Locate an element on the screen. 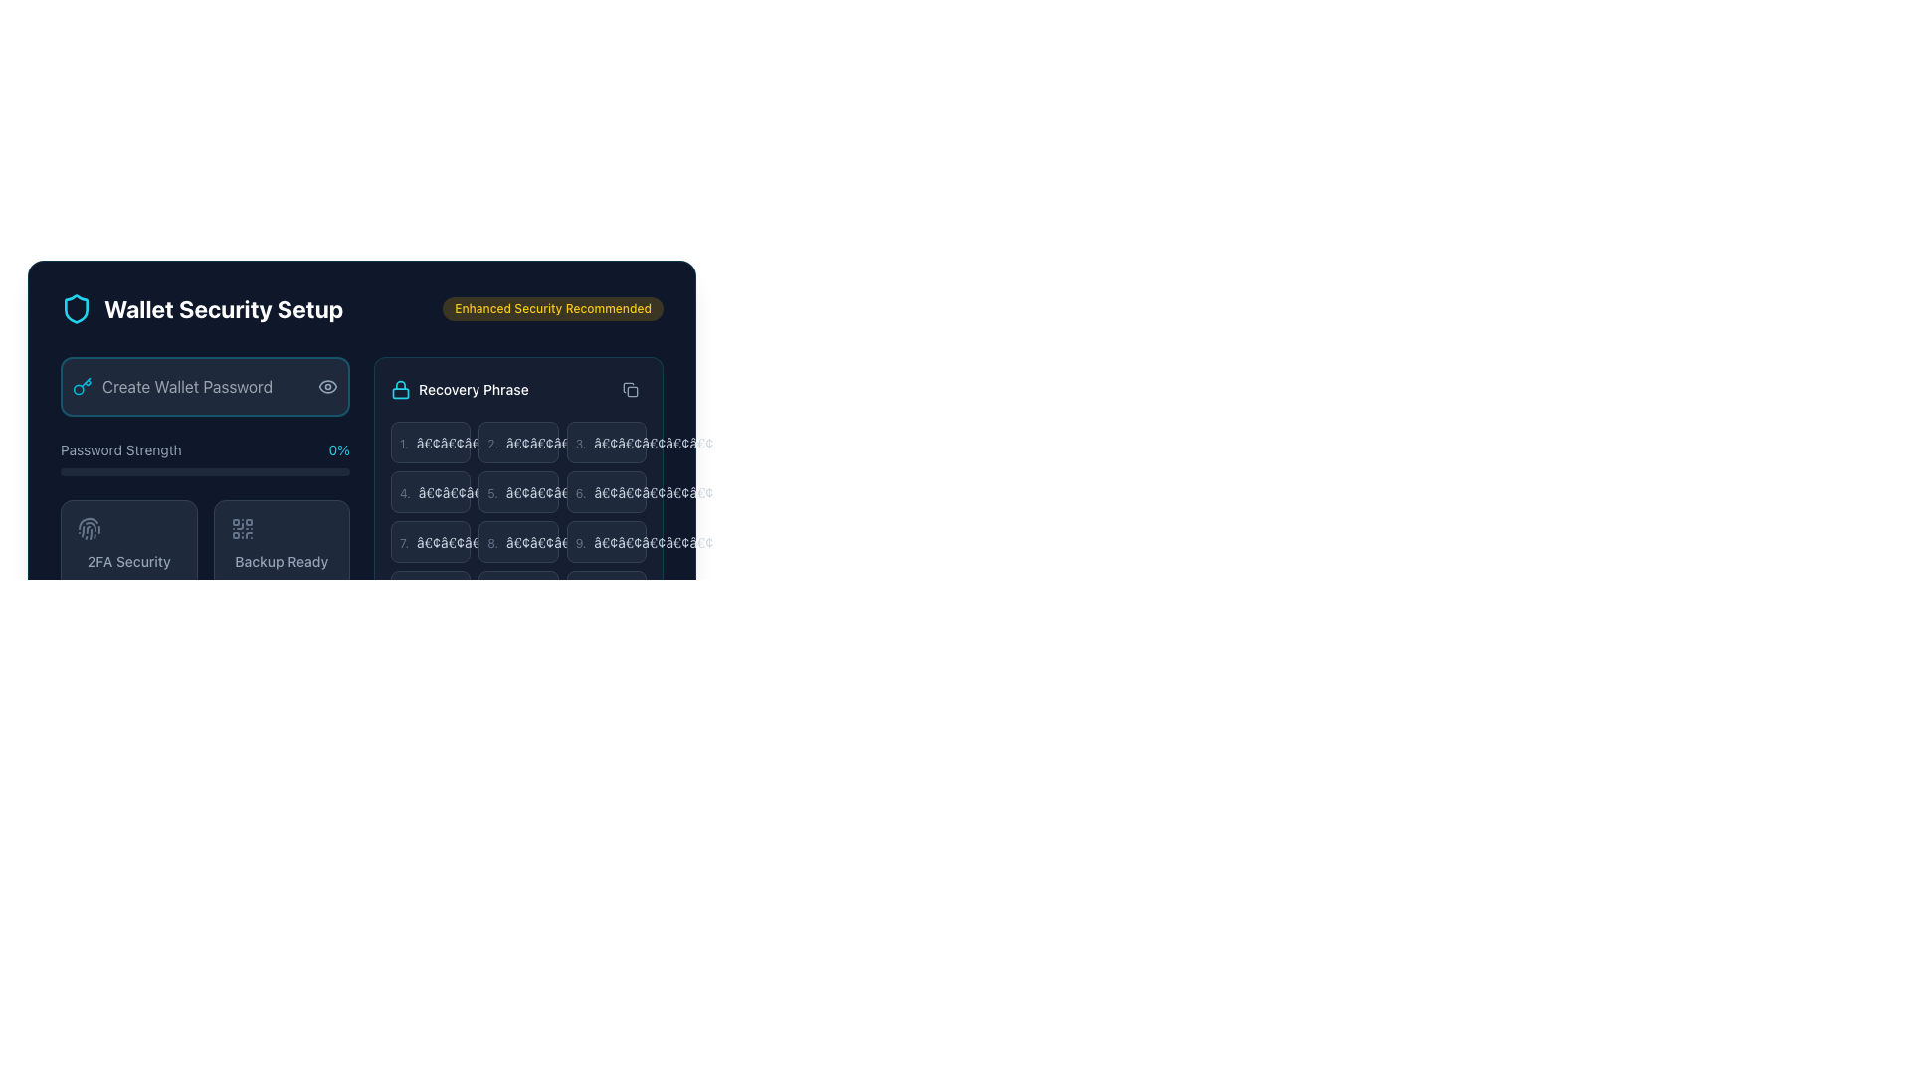  the text display consisting of five dots '•••••' in slate gray color, located in the second row, third column of the grid labeled 'Recovery Phrase' is located at coordinates (565, 542).